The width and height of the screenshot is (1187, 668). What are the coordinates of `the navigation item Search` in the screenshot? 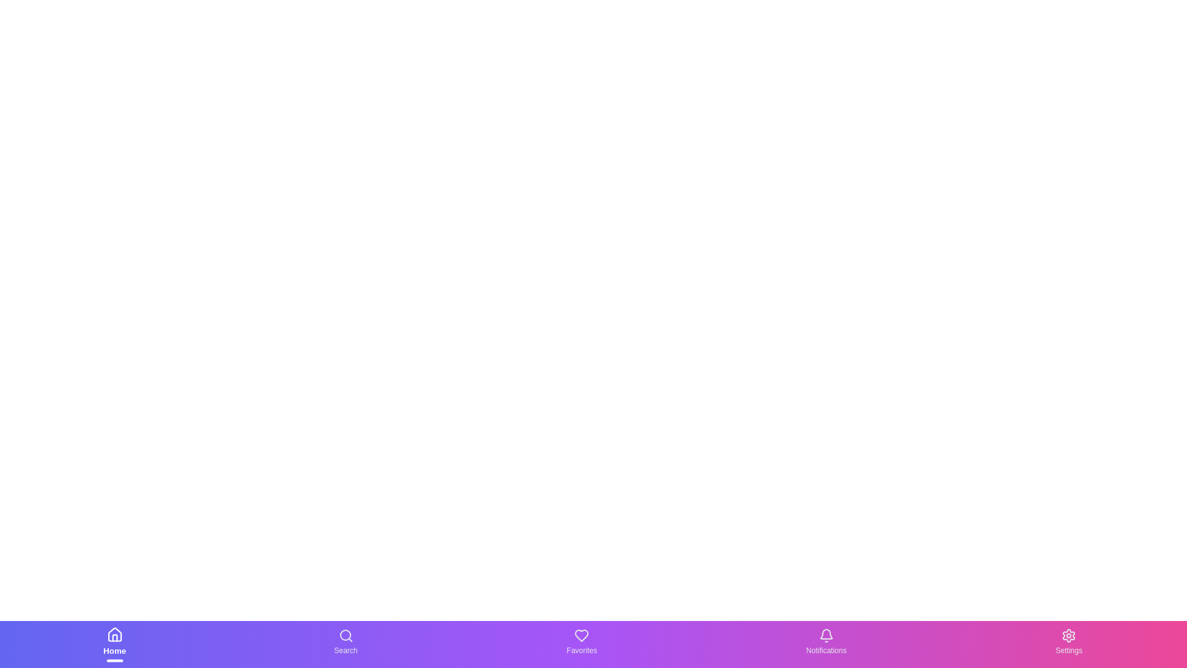 It's located at (345, 643).